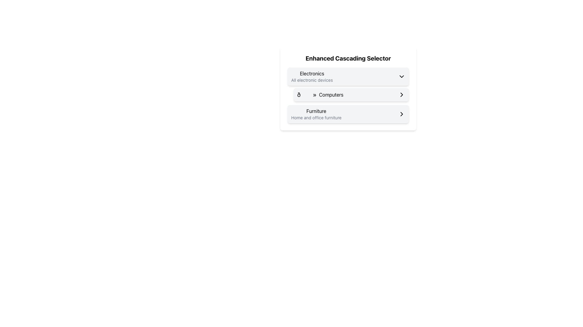  What do you see at coordinates (312, 80) in the screenshot?
I see `the text label that provides additional information for the 'Electronics' category, located beneath 'Electronics' in the dropdown section` at bounding box center [312, 80].